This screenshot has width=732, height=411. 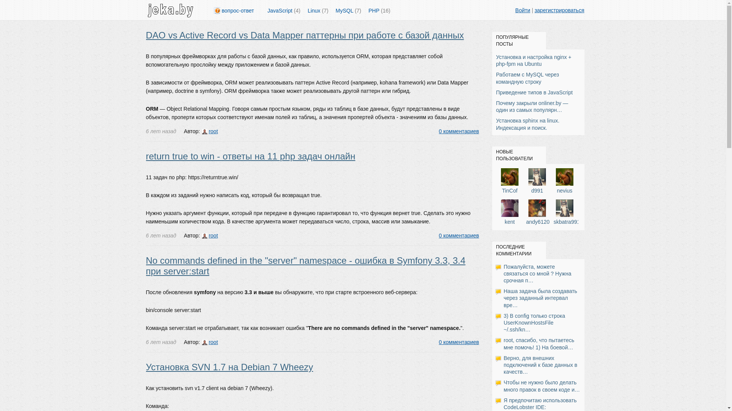 What do you see at coordinates (283, 10) in the screenshot?
I see `'JavaScript (4)'` at bounding box center [283, 10].